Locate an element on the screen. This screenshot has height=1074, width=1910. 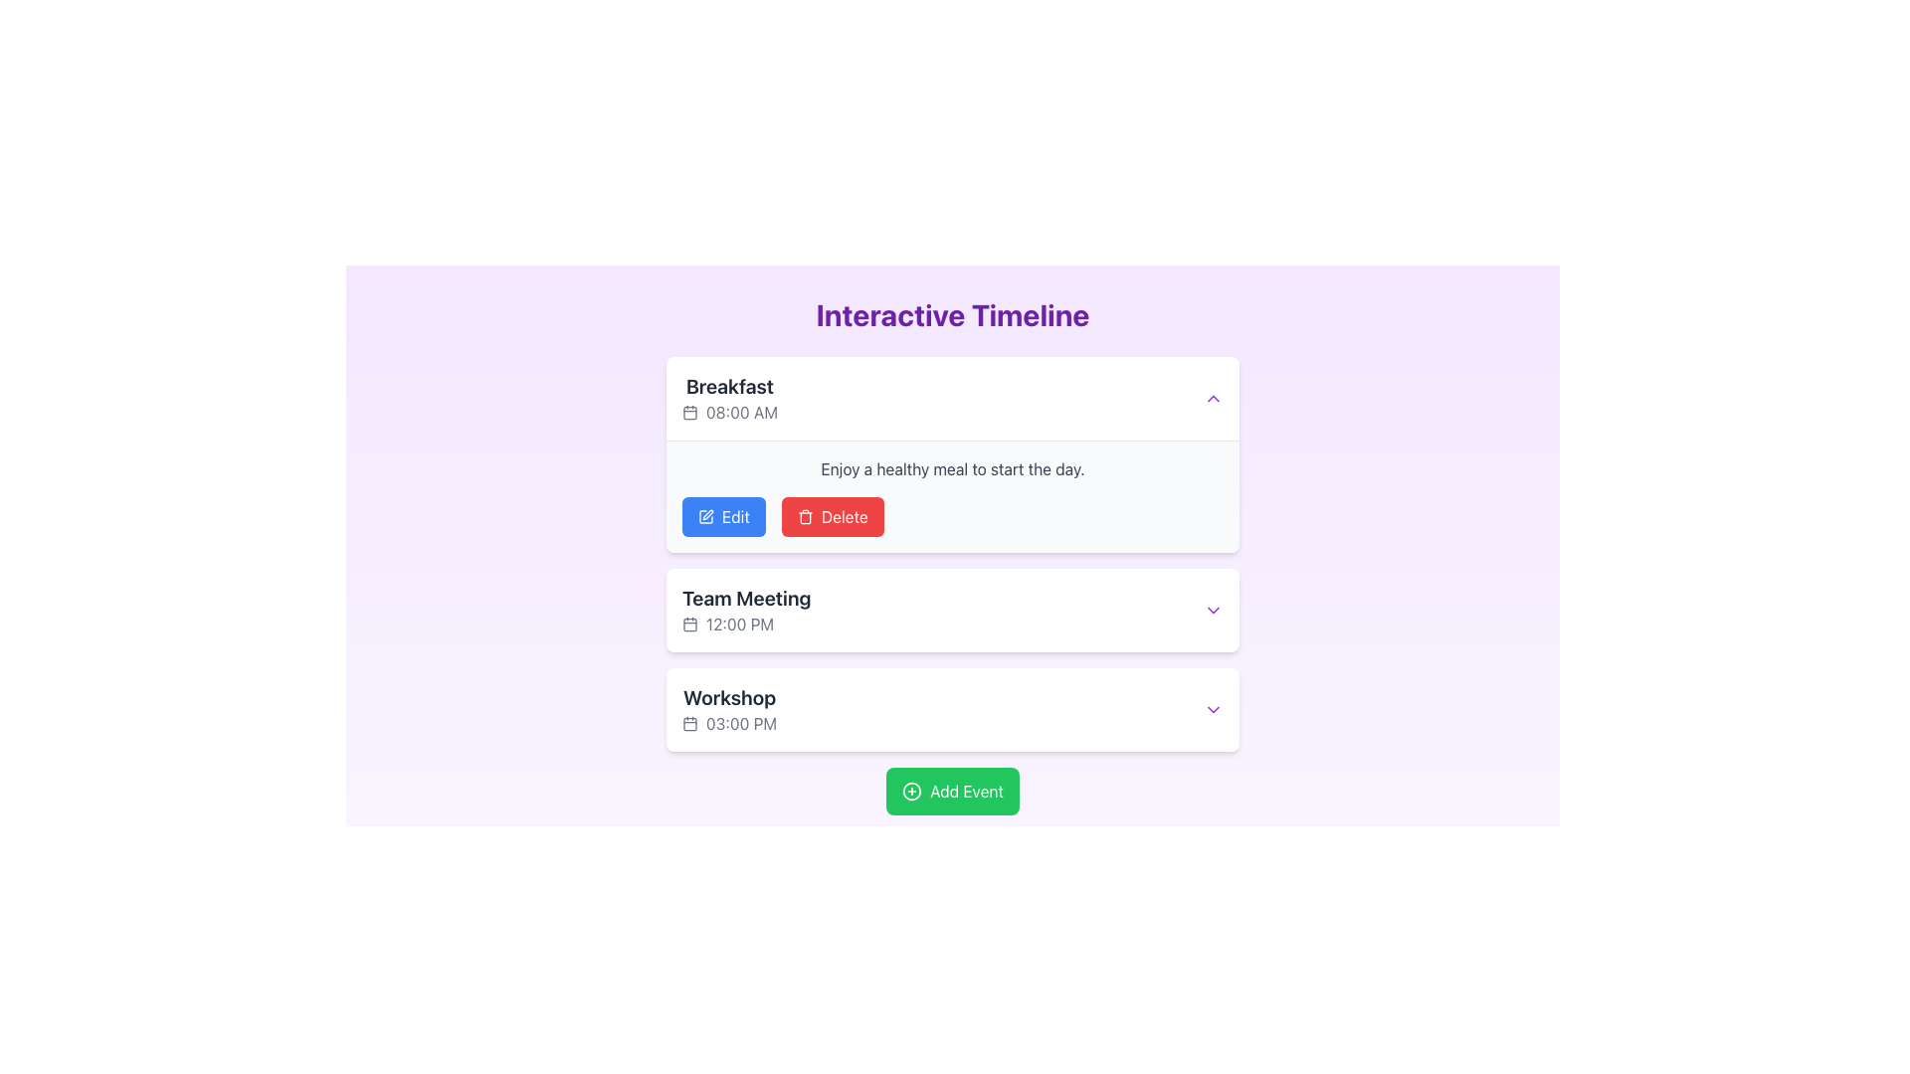
text element 'Team Meeting' which is styled in bold dark-gray font and positioned above the time '12:00 PM' in the second section of the 'Interactive Timeline.' is located at coordinates (745, 597).